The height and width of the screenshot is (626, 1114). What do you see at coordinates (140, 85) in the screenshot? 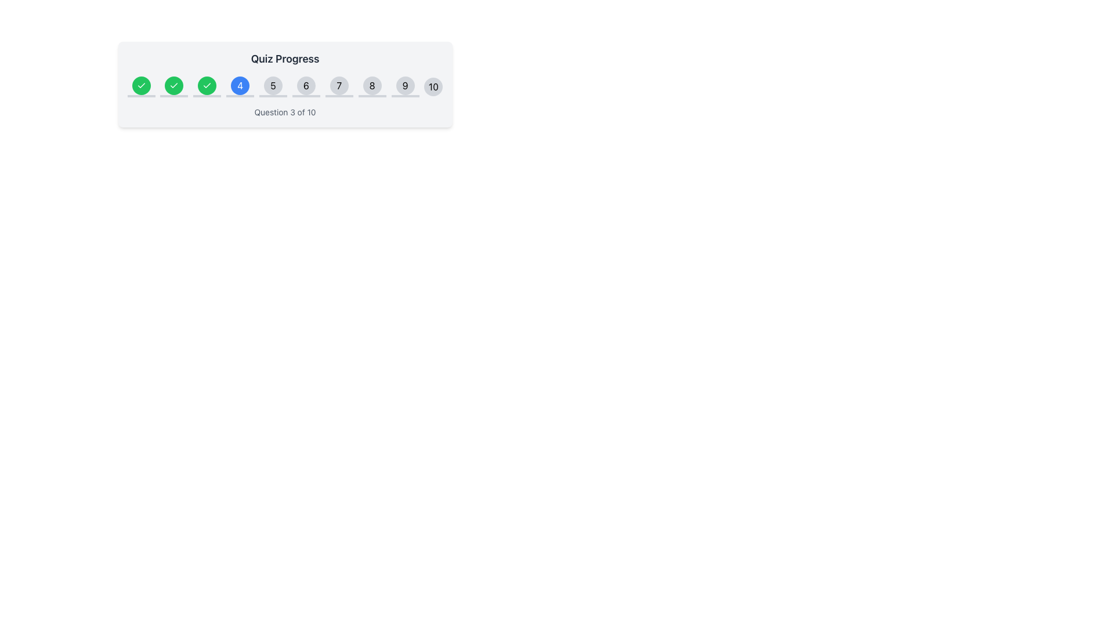
I see `the Status indicator icon that represents a completed step in the Quiz Progress section, located in the top-left region of the interface` at bounding box center [140, 85].